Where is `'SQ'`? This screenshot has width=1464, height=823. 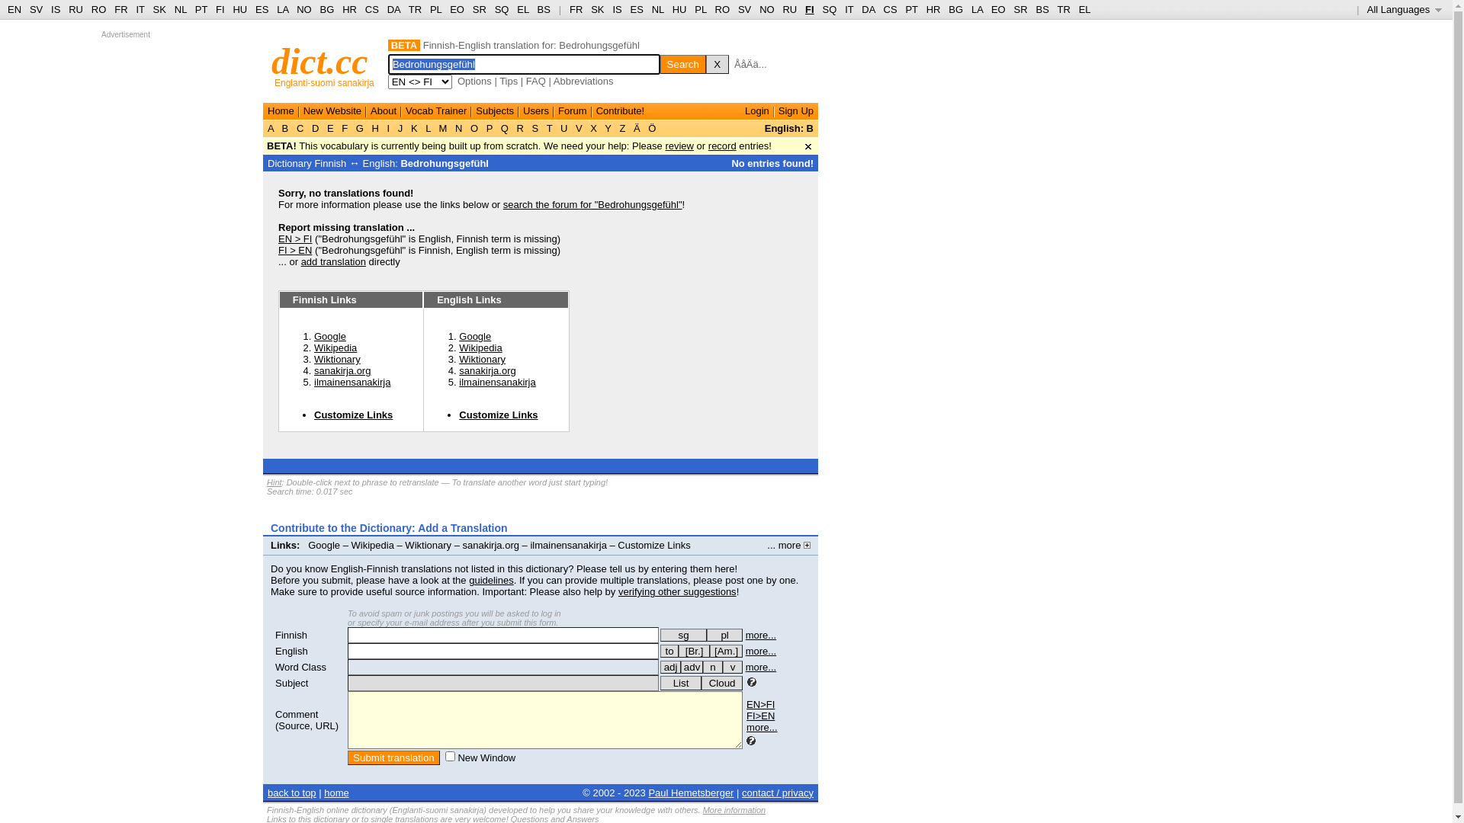
'SQ' is located at coordinates (828, 9).